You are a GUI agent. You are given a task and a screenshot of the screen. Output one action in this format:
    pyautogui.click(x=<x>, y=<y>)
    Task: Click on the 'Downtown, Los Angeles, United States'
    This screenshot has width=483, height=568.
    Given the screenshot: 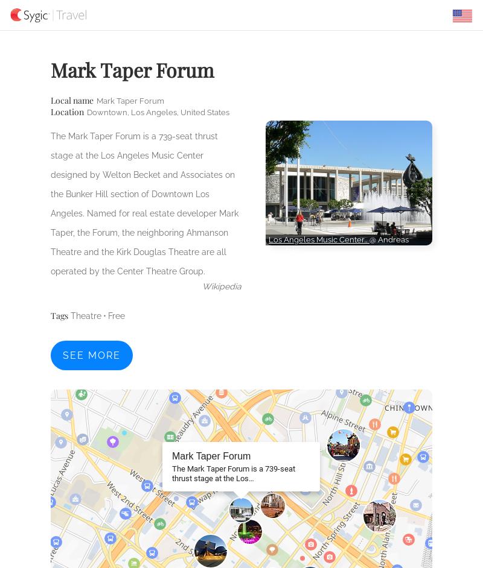 What is the action you would take?
    pyautogui.click(x=158, y=112)
    